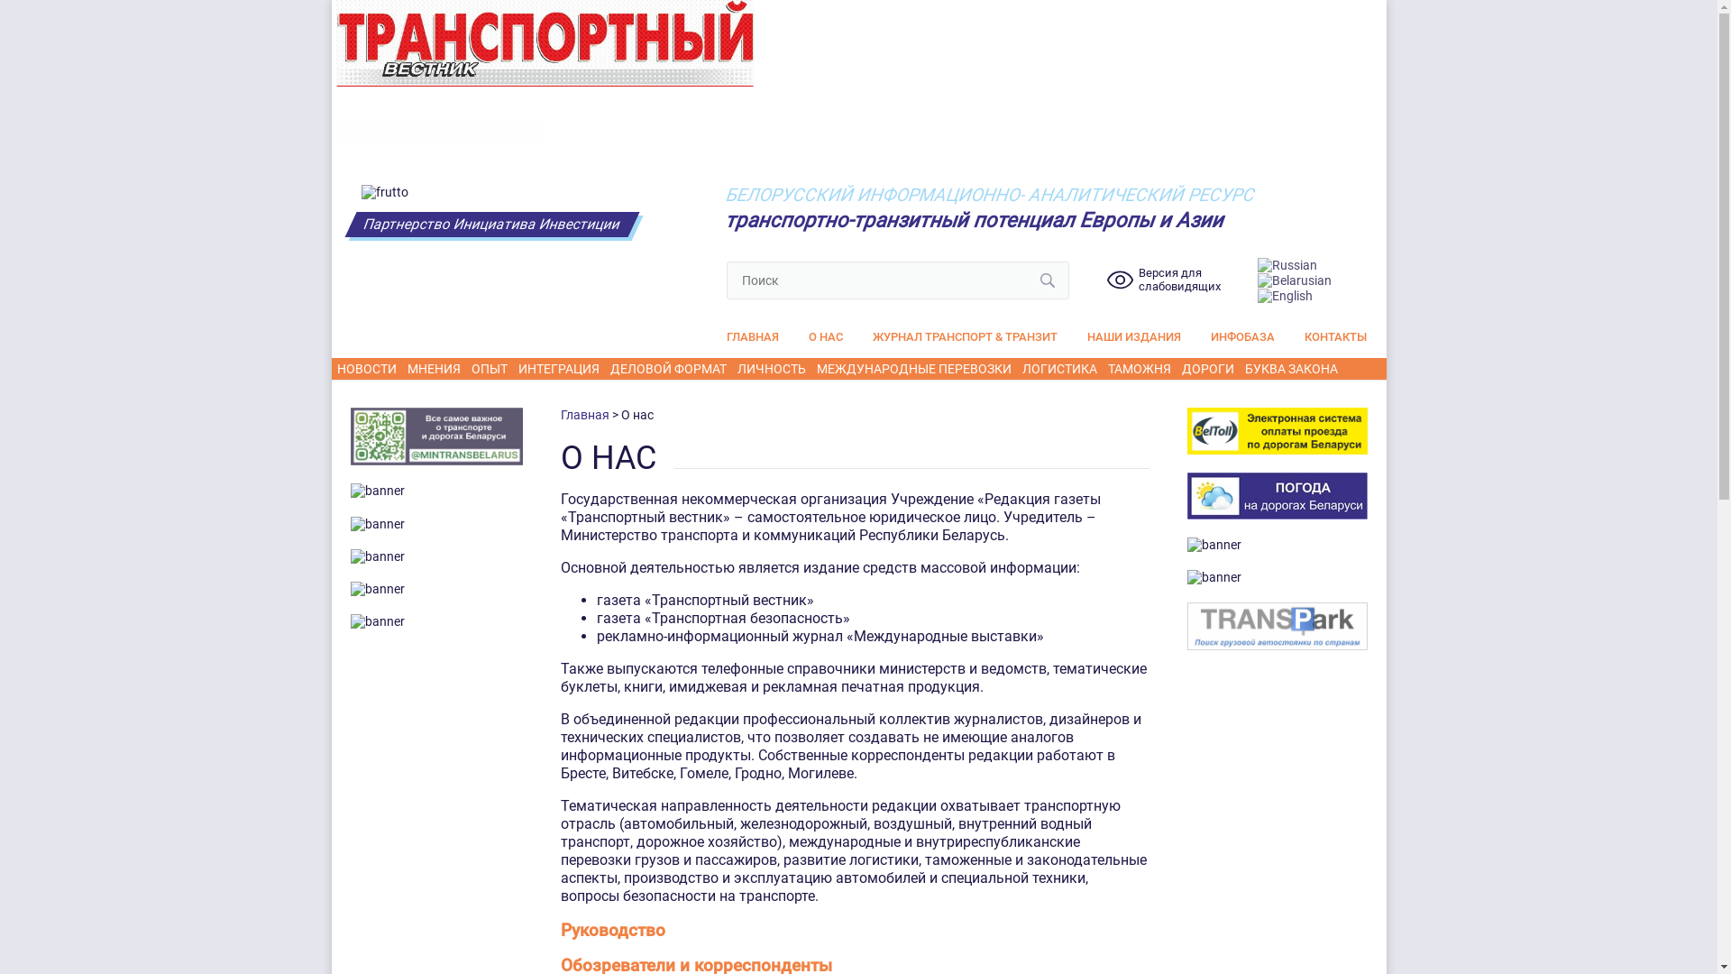 This screenshot has width=1731, height=974. What do you see at coordinates (1293, 279) in the screenshot?
I see `'Belarusian'` at bounding box center [1293, 279].